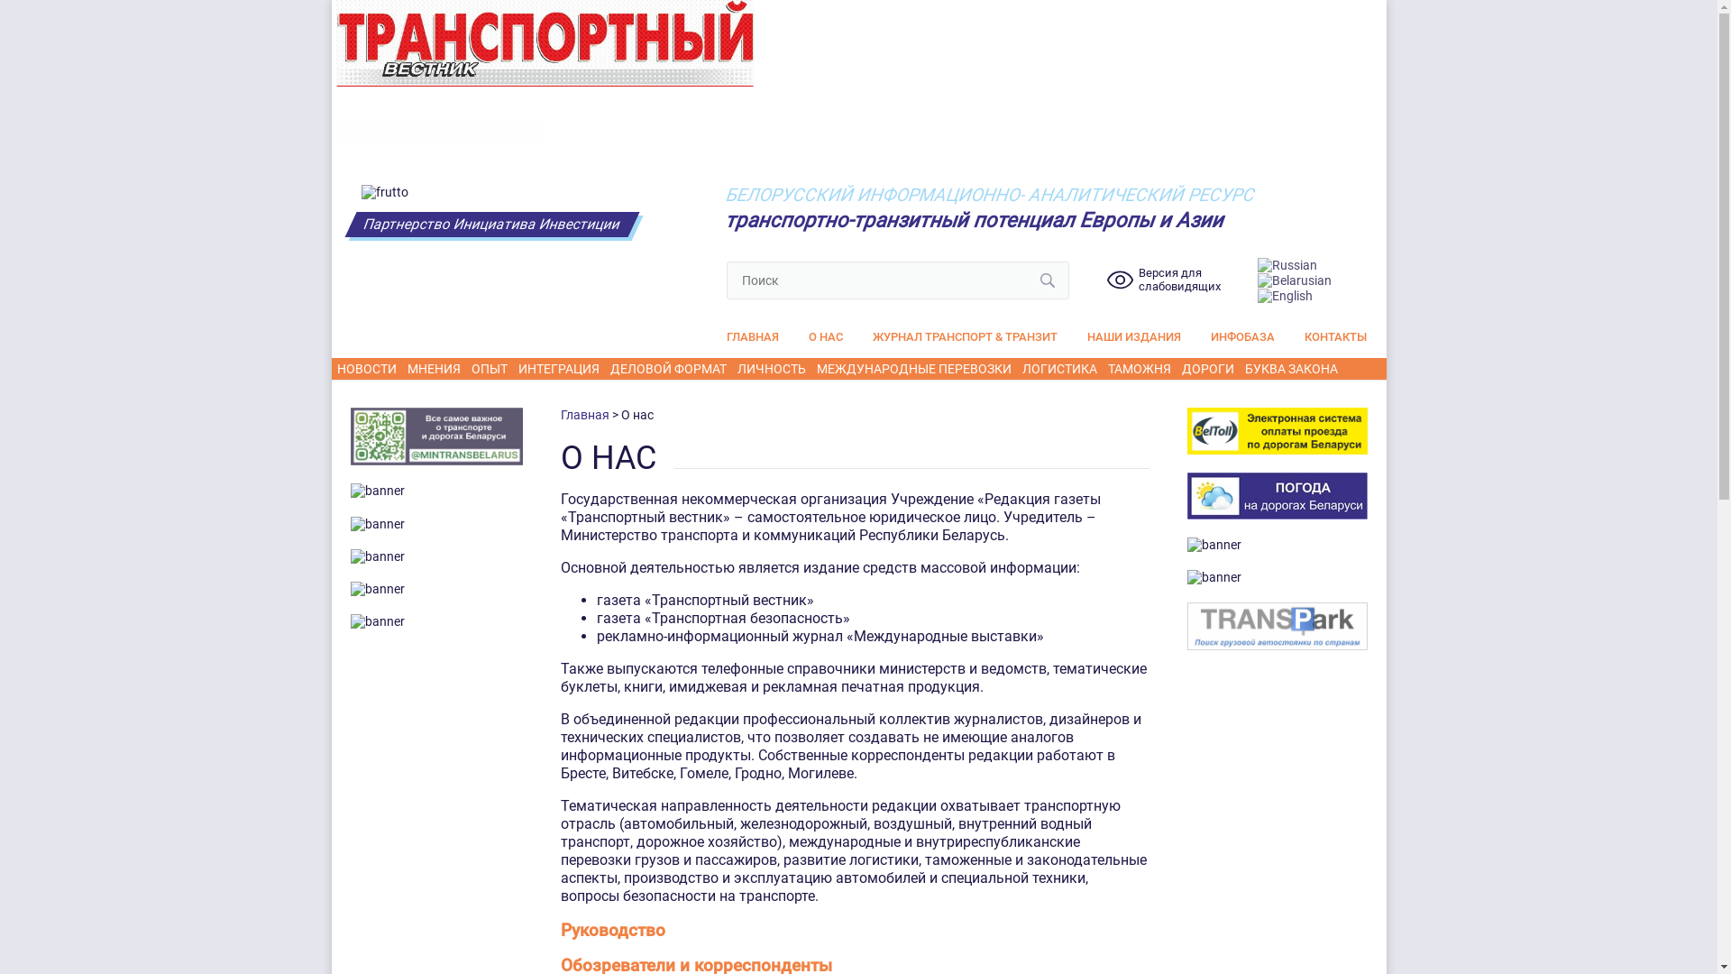 This screenshot has width=1731, height=974. What do you see at coordinates (1293, 279) in the screenshot?
I see `'Belarusian'` at bounding box center [1293, 279].